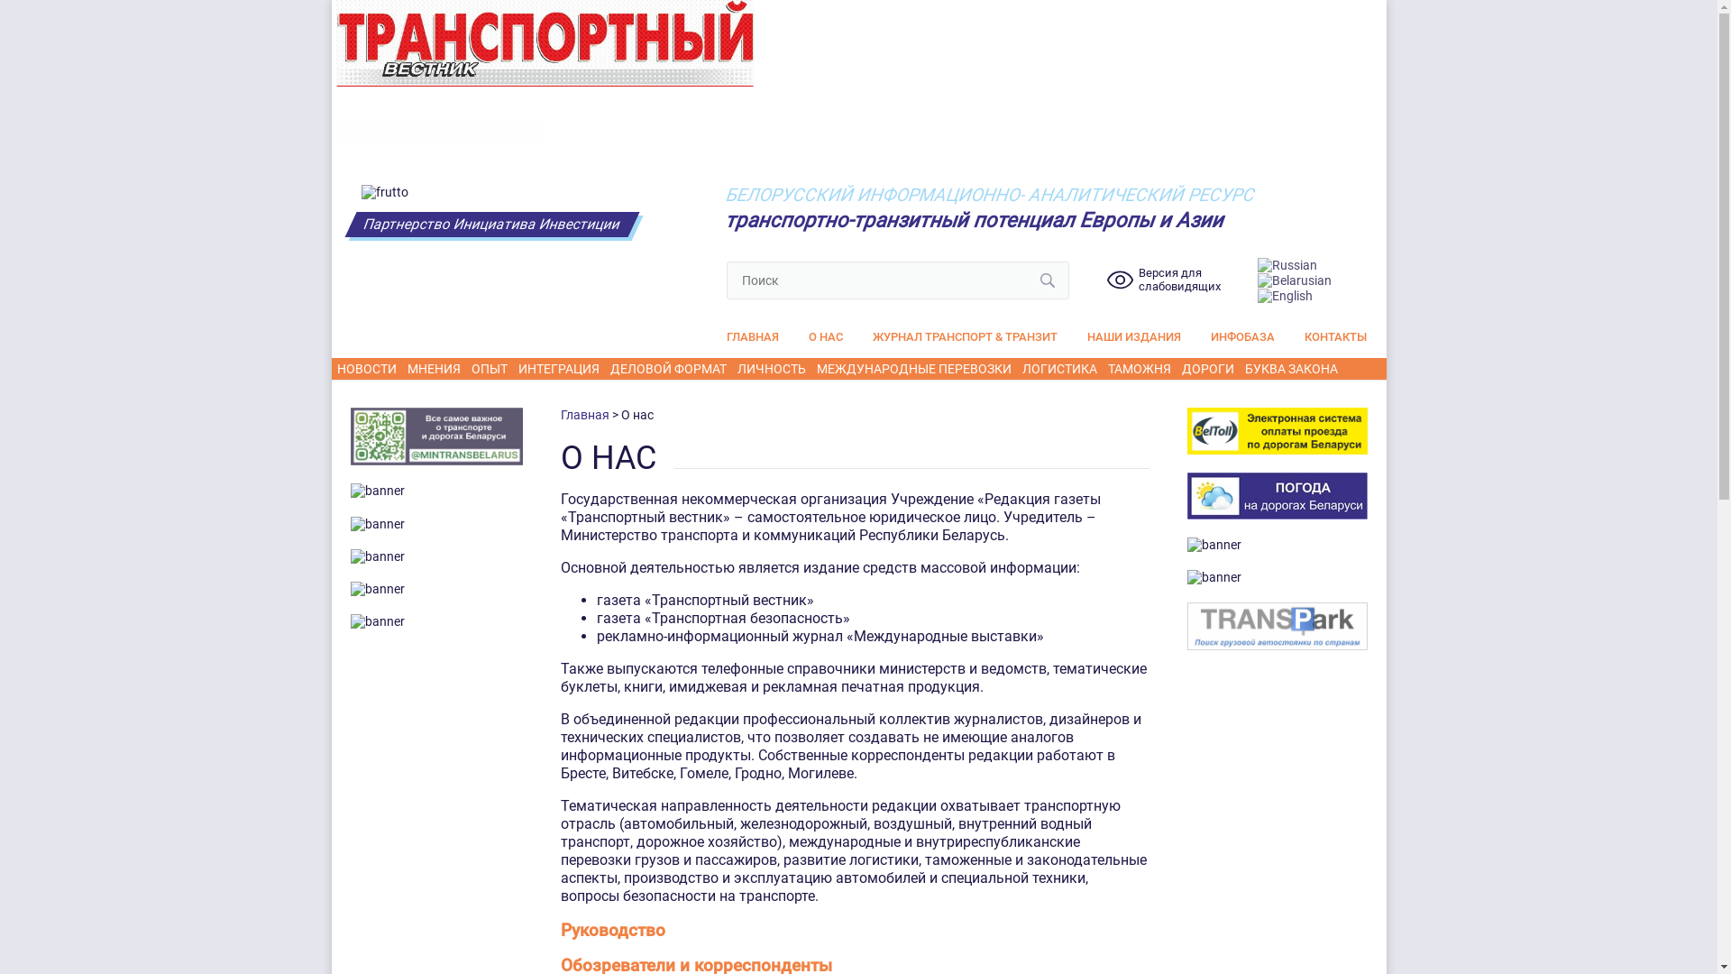 This screenshot has width=1731, height=974. What do you see at coordinates (1293, 279) in the screenshot?
I see `'Belarusian'` at bounding box center [1293, 279].